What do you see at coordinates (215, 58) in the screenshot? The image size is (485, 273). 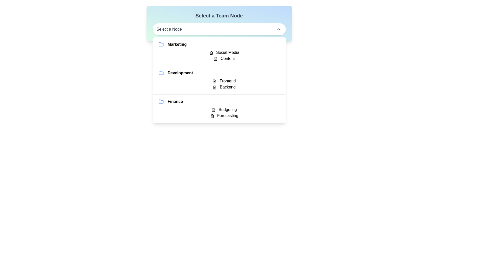 I see `file icon within the 'Content' section under 'Marketing', which is a simple document-like graphical icon with rounded corners` at bounding box center [215, 58].